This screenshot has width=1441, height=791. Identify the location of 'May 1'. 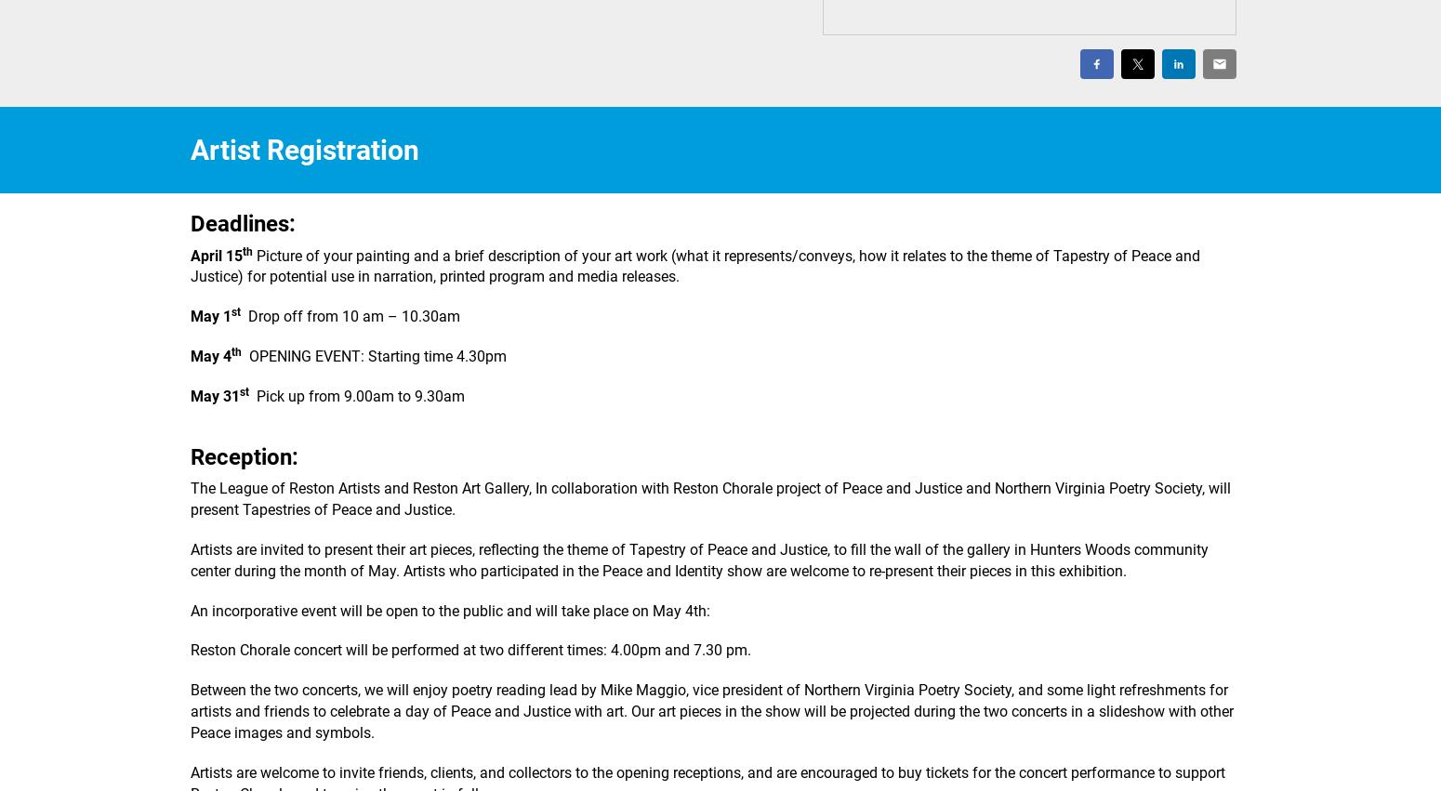
(210, 315).